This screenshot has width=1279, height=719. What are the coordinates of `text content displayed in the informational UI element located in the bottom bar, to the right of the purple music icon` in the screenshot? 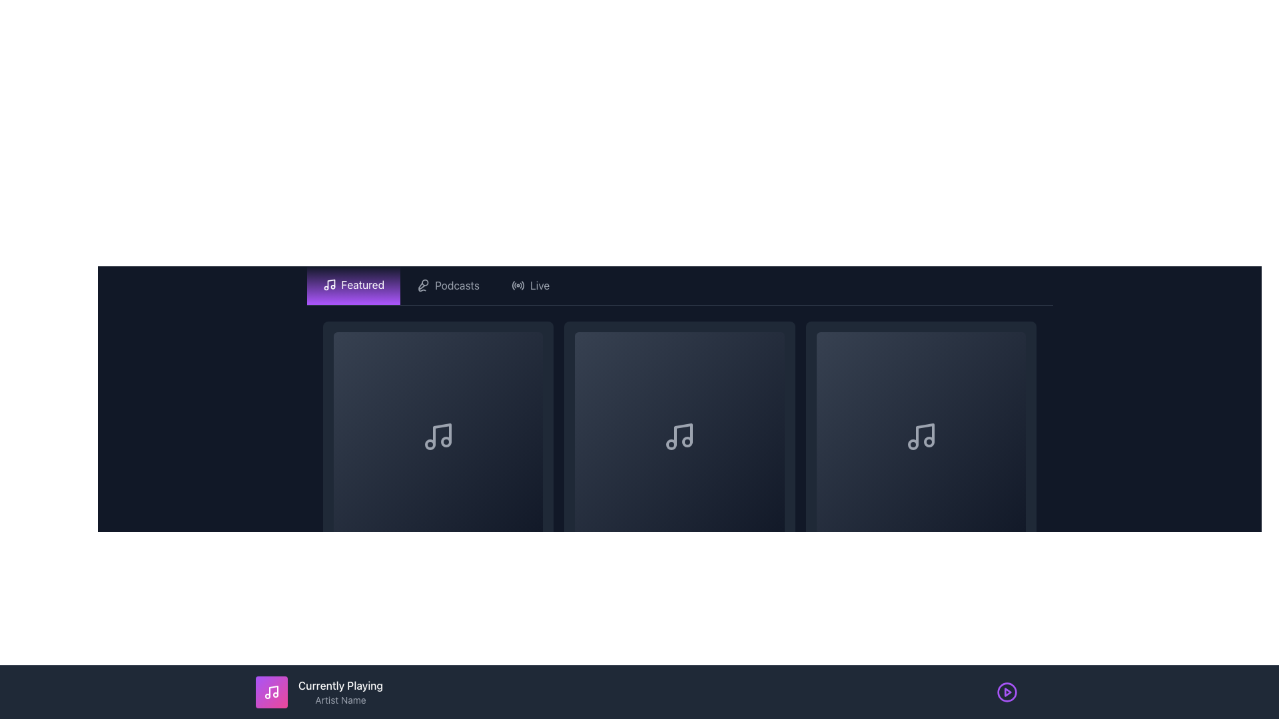 It's located at (340, 692).